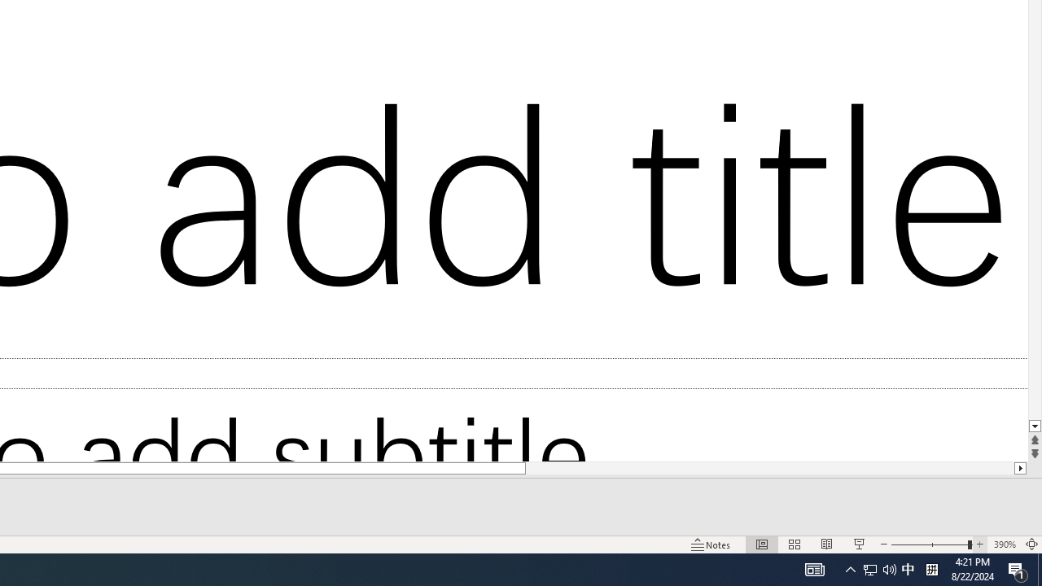 The width and height of the screenshot is (1042, 586). Describe the element at coordinates (931, 544) in the screenshot. I see `'Zoom'` at that location.